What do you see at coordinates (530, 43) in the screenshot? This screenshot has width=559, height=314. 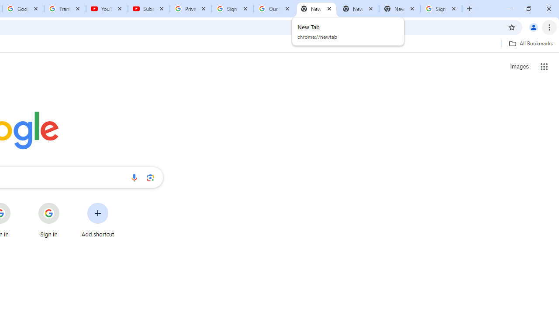 I see `'All Bookmarks'` at bounding box center [530, 43].